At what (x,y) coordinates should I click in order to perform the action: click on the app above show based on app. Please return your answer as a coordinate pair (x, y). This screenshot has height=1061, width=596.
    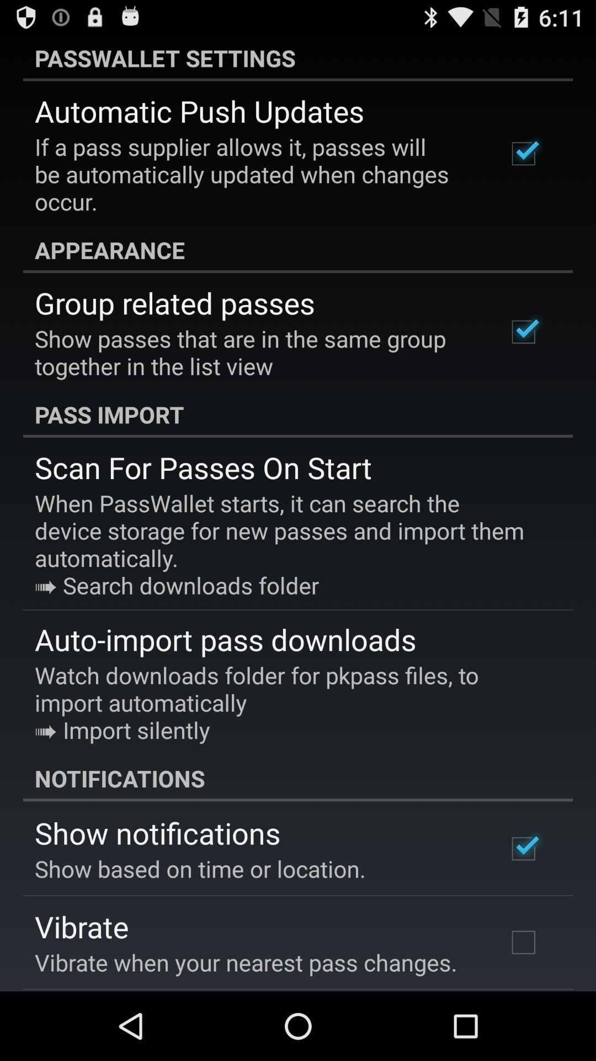
    Looking at the image, I should click on (157, 833).